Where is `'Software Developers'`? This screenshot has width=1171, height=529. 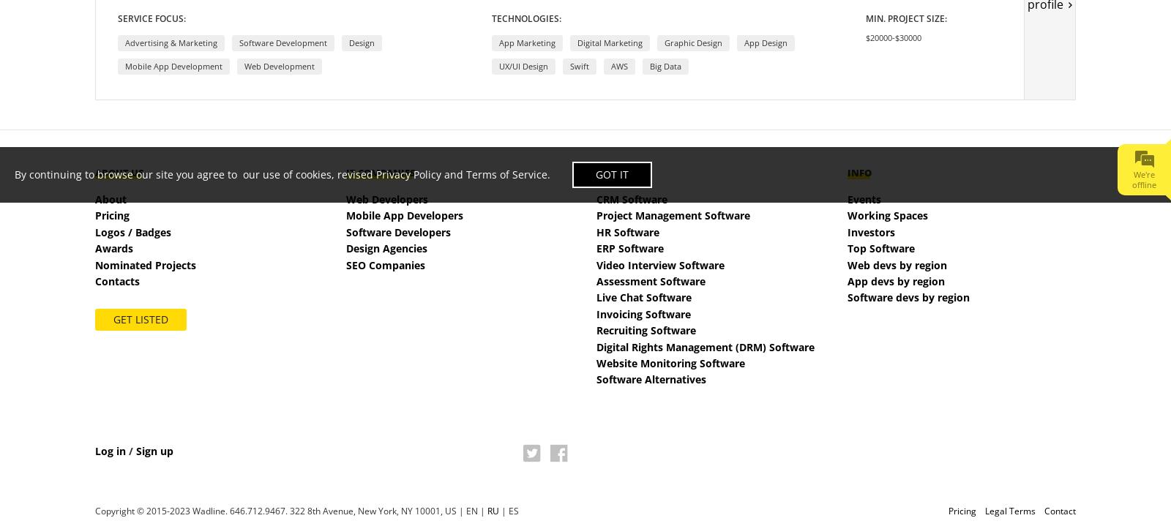
'Software Developers' is located at coordinates (397, 231).